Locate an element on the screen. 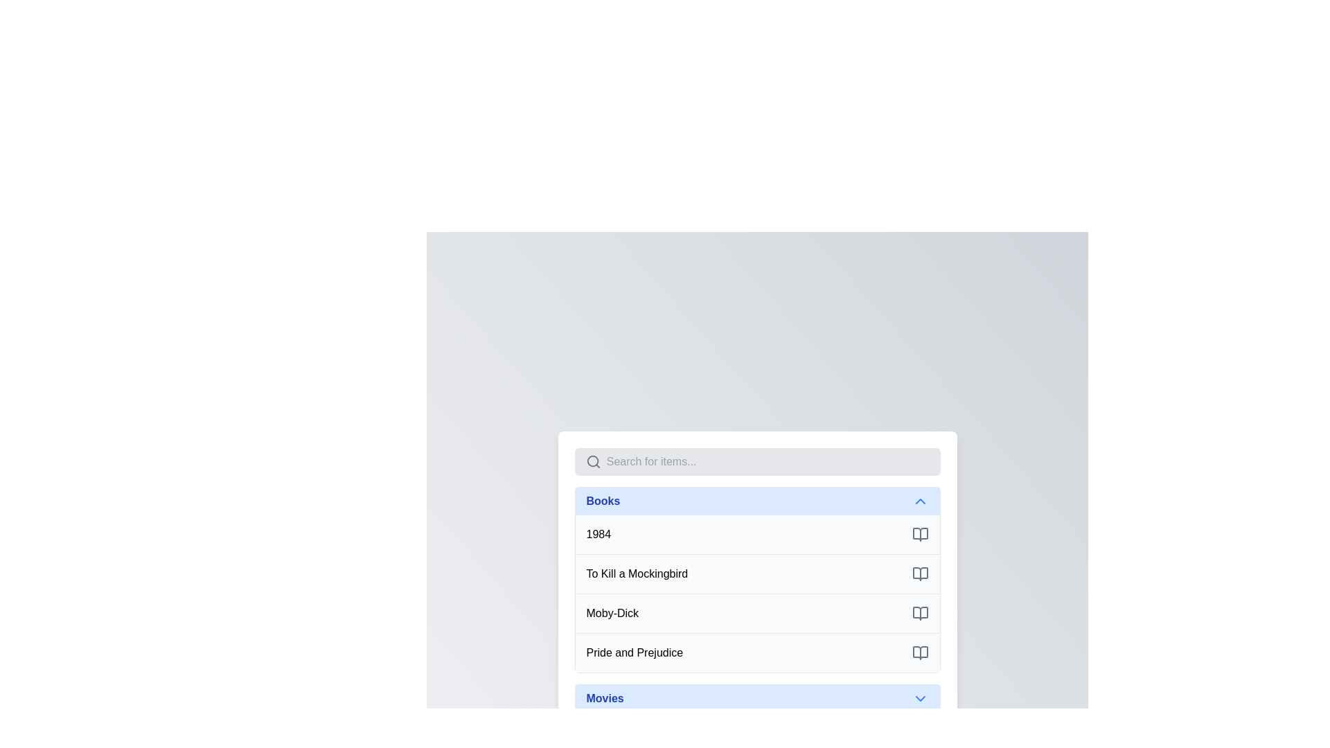 This screenshot has height=748, width=1330. the icon adjacent to the entry titled '1984' in the 'Books' section is located at coordinates (920, 533).